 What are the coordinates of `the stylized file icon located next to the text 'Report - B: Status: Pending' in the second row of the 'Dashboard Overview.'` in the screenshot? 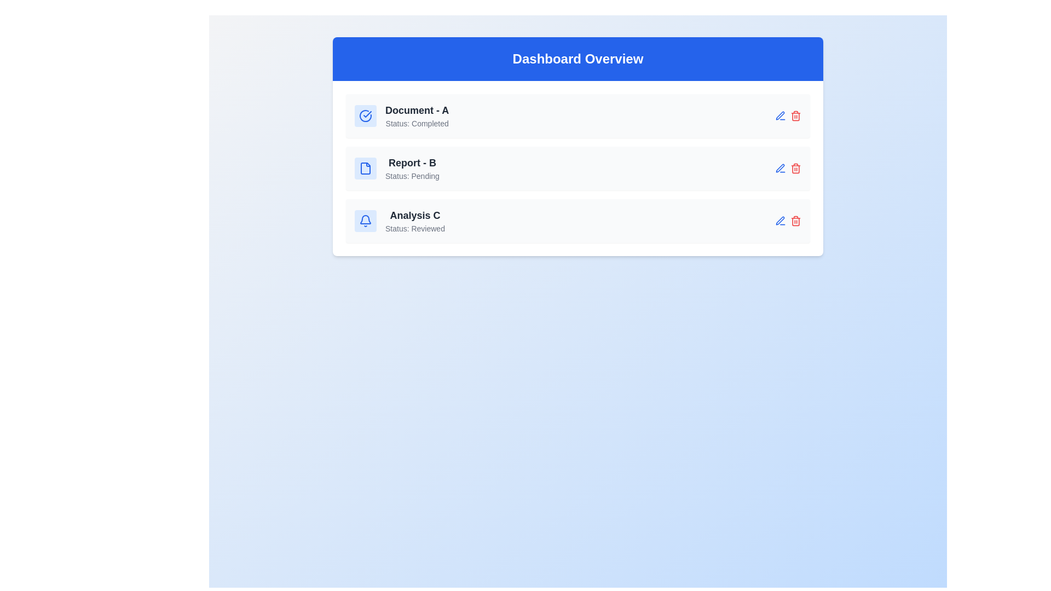 It's located at (365, 169).